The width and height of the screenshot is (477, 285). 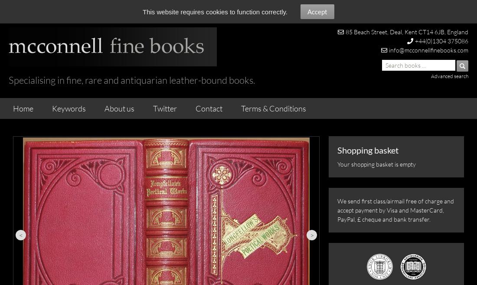 I want to click on 'This website requires cookies to function correctly.', so click(x=215, y=12).